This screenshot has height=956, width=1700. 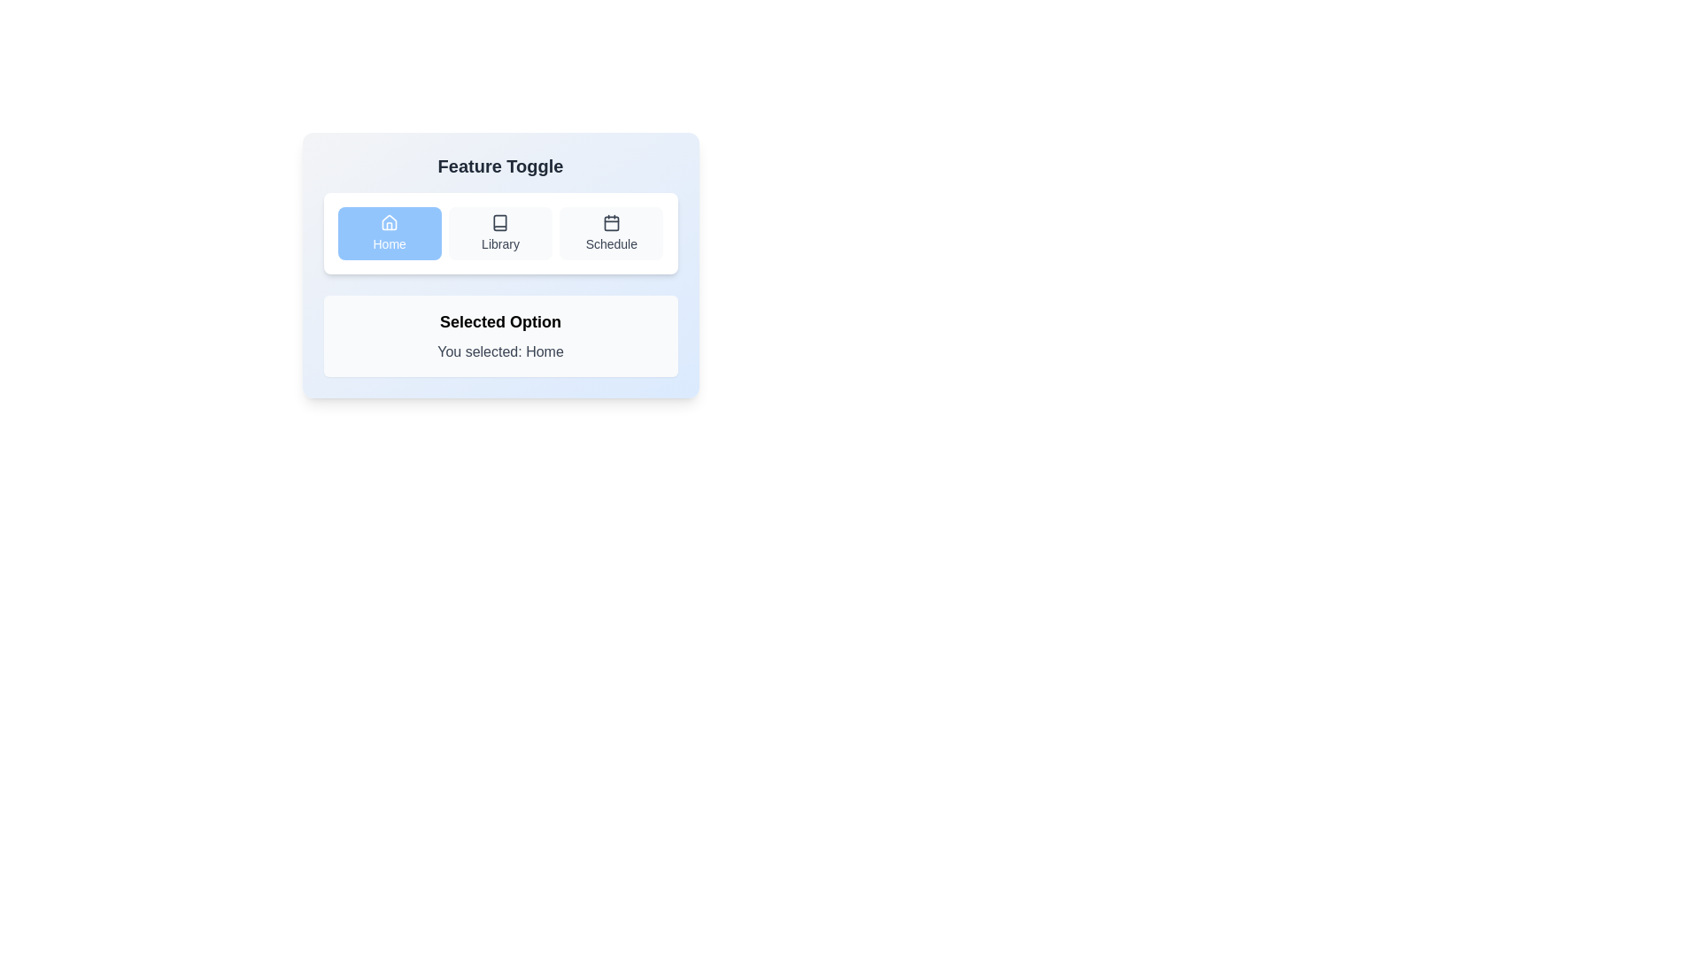 What do you see at coordinates (499, 221) in the screenshot?
I see `the small book icon located inside the 'Library' button` at bounding box center [499, 221].